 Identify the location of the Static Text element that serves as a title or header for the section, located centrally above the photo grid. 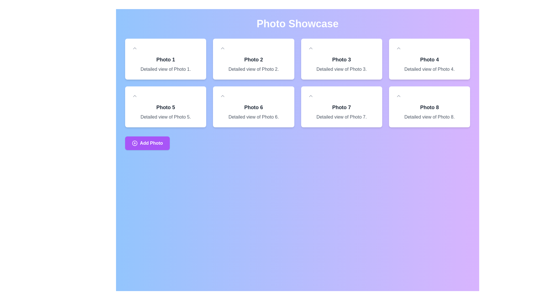
(297, 24).